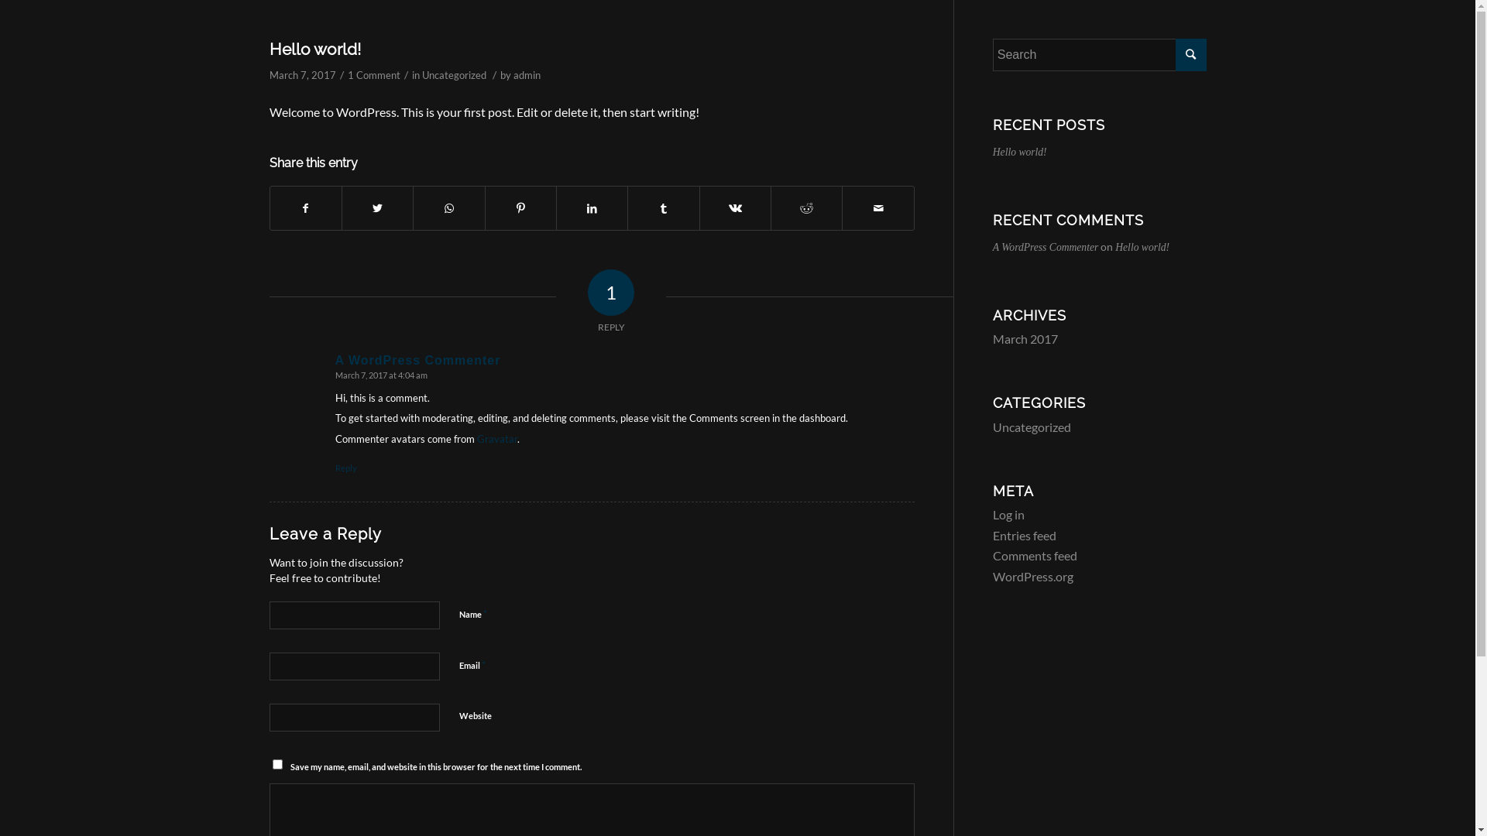  What do you see at coordinates (269, 48) in the screenshot?
I see `'Hello world!'` at bounding box center [269, 48].